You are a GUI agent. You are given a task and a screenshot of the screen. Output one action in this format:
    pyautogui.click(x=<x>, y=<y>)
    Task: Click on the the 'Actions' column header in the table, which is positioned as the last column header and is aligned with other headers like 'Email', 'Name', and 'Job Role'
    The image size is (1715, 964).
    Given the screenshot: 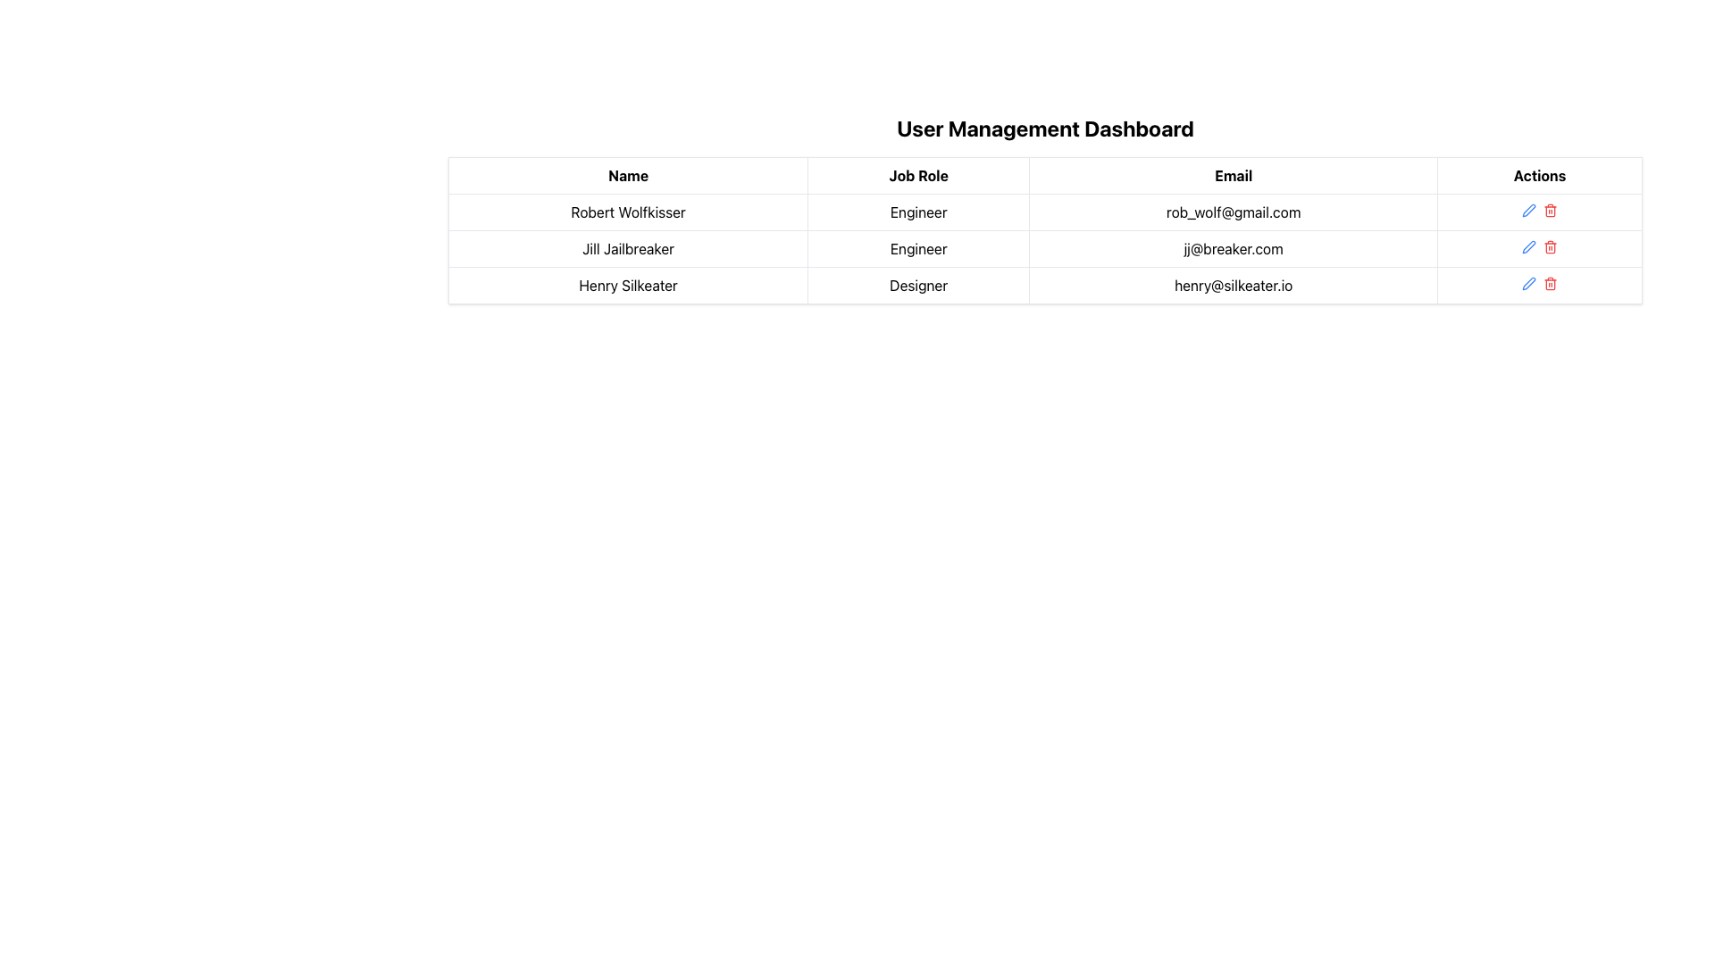 What is the action you would take?
    pyautogui.click(x=1539, y=175)
    